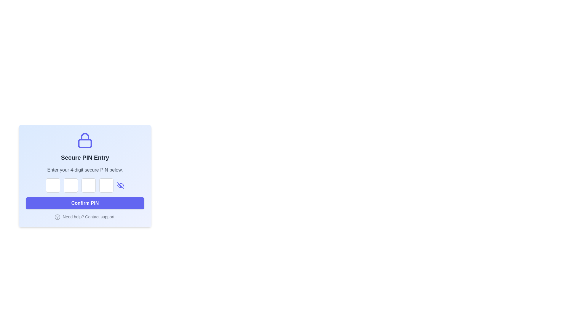 The height and width of the screenshot is (320, 569). What do you see at coordinates (120, 185) in the screenshot?
I see `the toggle button located to the right of the four text input fields in the secure PIN entry section to switch the visibility of the entered PIN` at bounding box center [120, 185].